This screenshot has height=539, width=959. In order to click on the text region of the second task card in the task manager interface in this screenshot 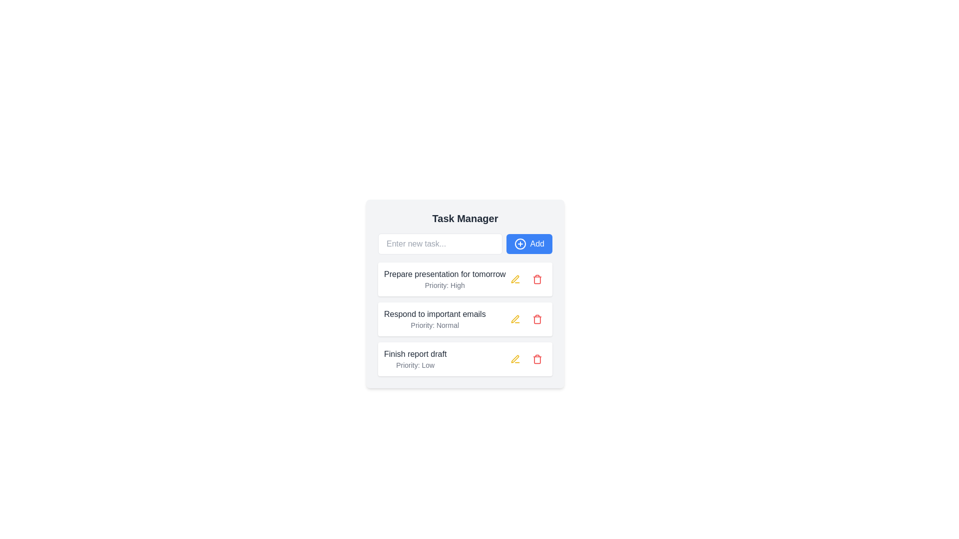, I will do `click(465, 319)`.